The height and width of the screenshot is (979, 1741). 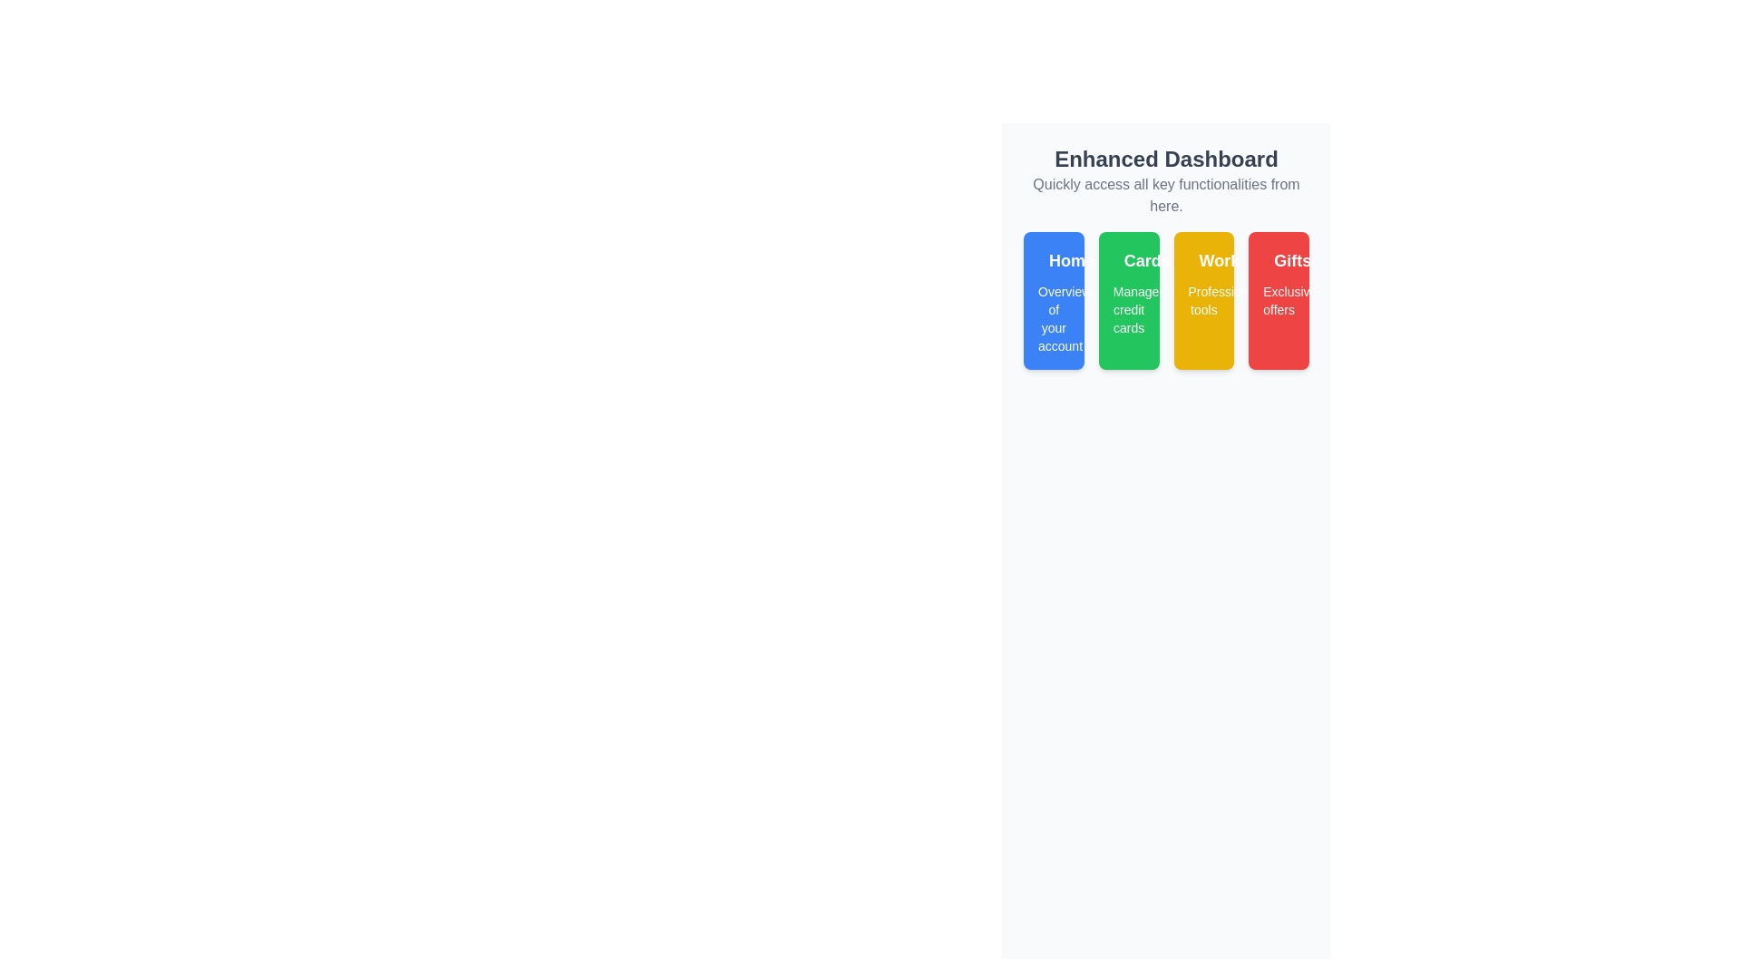 I want to click on contents of the text element located centrally below the 'Home' header within the blue rectangular card titled 'Home', so click(x=1054, y=317).